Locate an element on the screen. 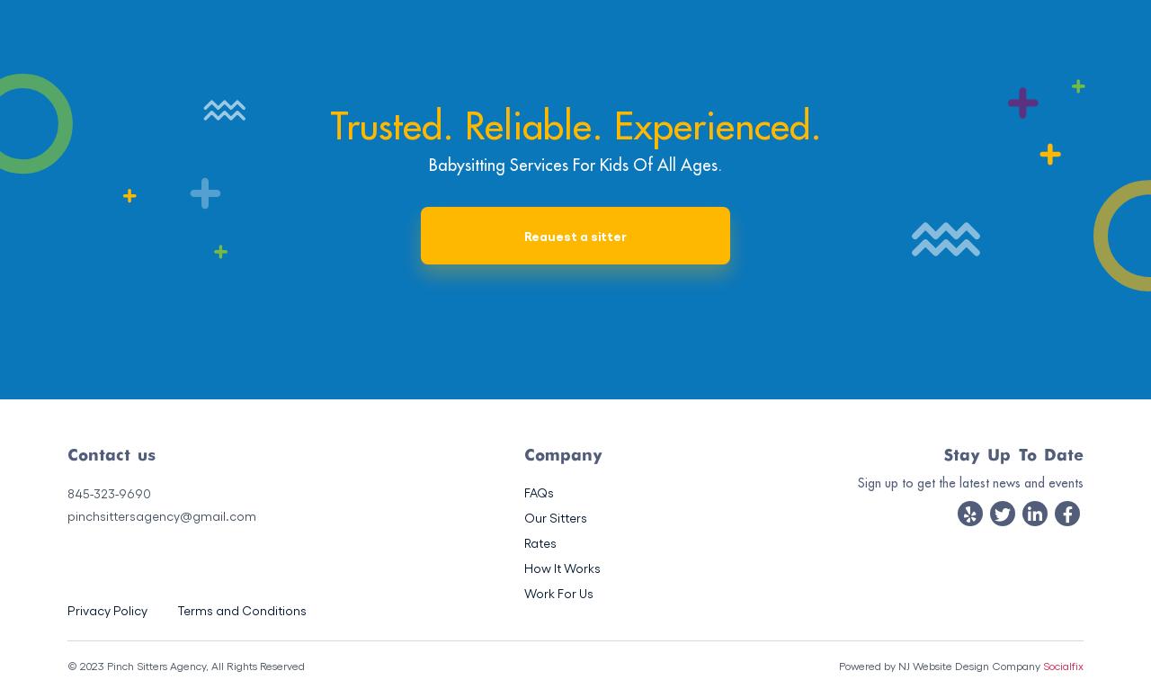 This screenshot has height=689, width=1151. '845-323-9690' is located at coordinates (108, 492).